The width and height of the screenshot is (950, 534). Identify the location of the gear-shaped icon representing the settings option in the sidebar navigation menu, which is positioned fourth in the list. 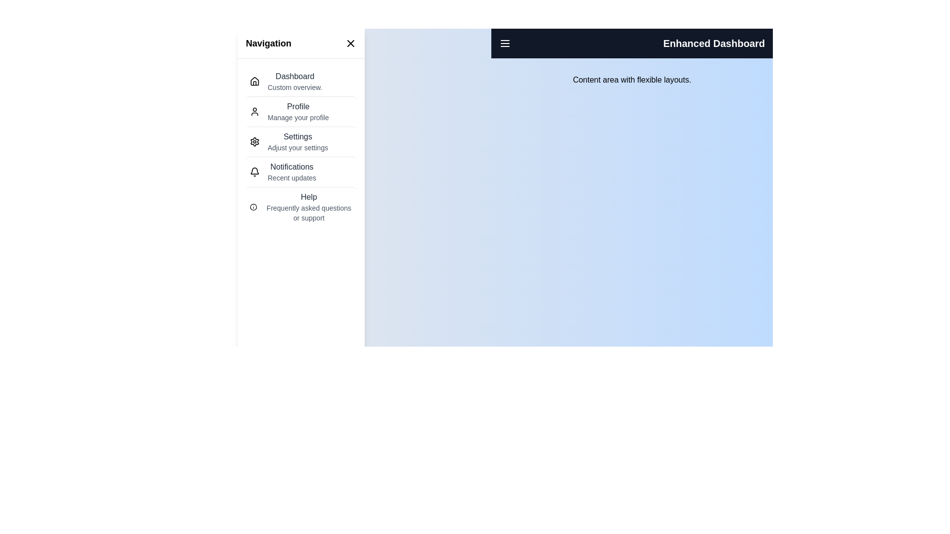
(254, 141).